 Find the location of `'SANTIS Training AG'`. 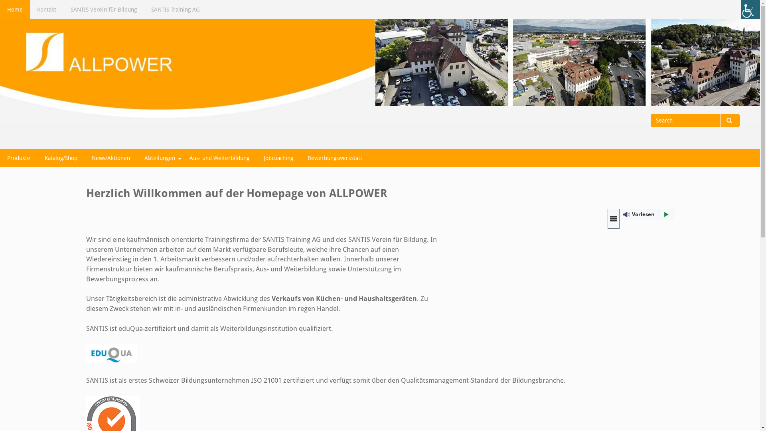

'SANTIS Training AG' is located at coordinates (175, 9).